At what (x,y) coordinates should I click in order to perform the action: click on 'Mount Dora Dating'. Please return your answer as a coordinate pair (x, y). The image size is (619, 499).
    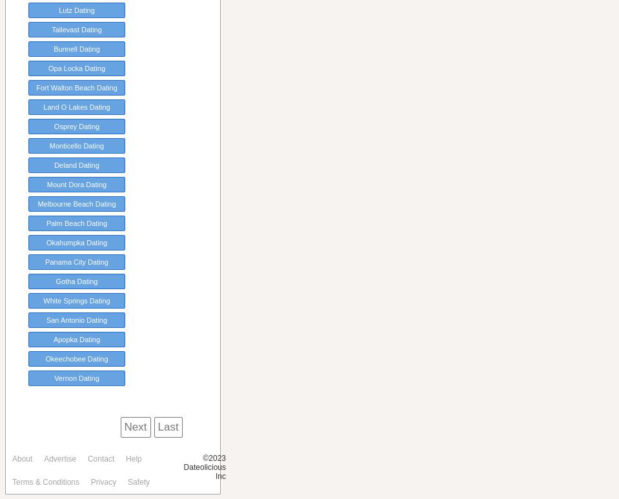
    Looking at the image, I should click on (76, 185).